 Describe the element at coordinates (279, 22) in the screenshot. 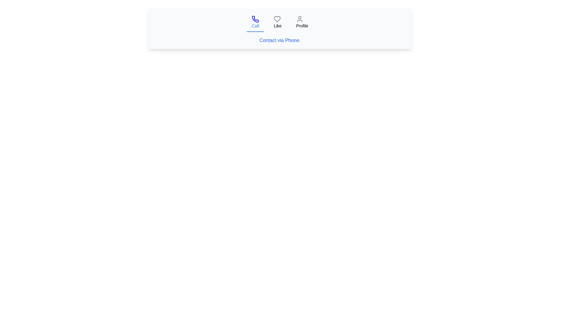

I see `the second button in a horizontal group of three options` at that location.